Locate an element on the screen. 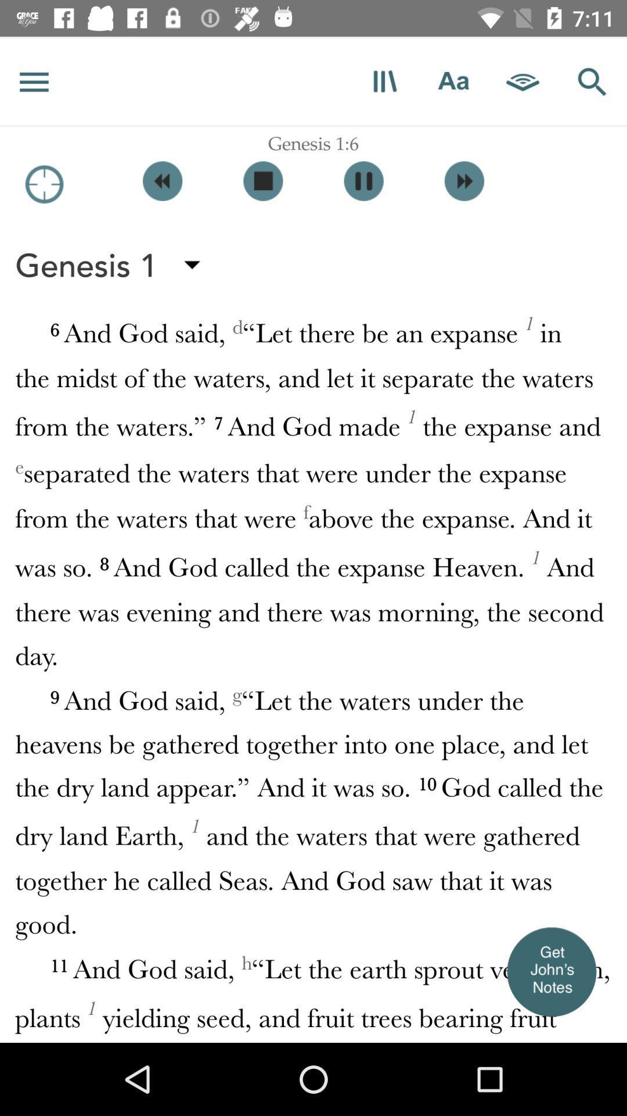  next is located at coordinates (463, 180).